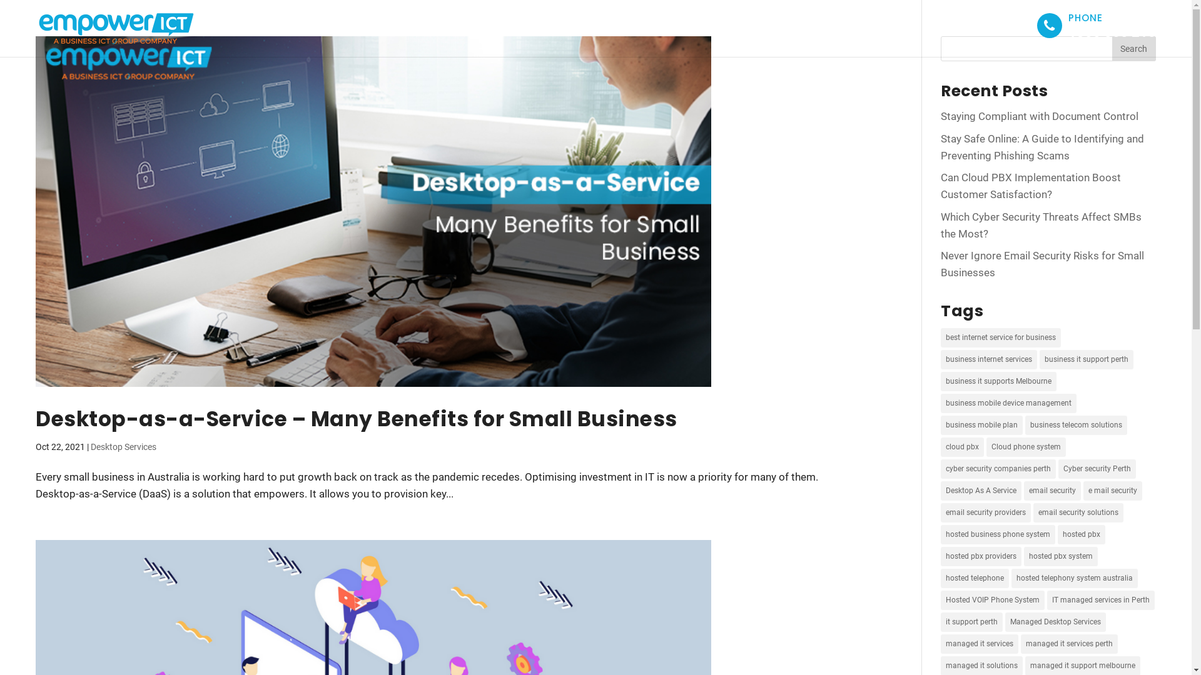  I want to click on 'managed it services perth', so click(1068, 644).